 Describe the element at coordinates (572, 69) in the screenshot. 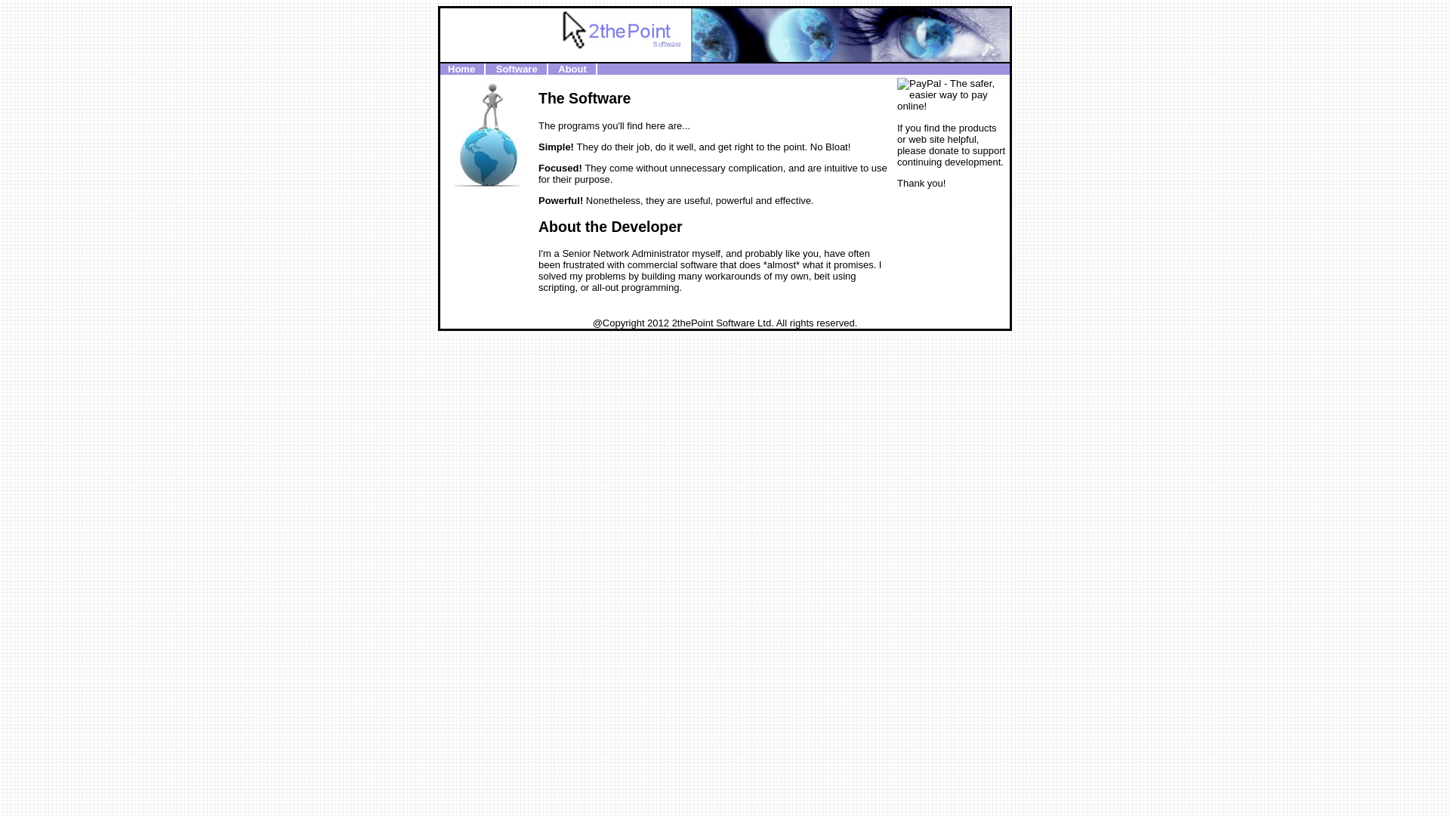

I see `'About'` at that location.